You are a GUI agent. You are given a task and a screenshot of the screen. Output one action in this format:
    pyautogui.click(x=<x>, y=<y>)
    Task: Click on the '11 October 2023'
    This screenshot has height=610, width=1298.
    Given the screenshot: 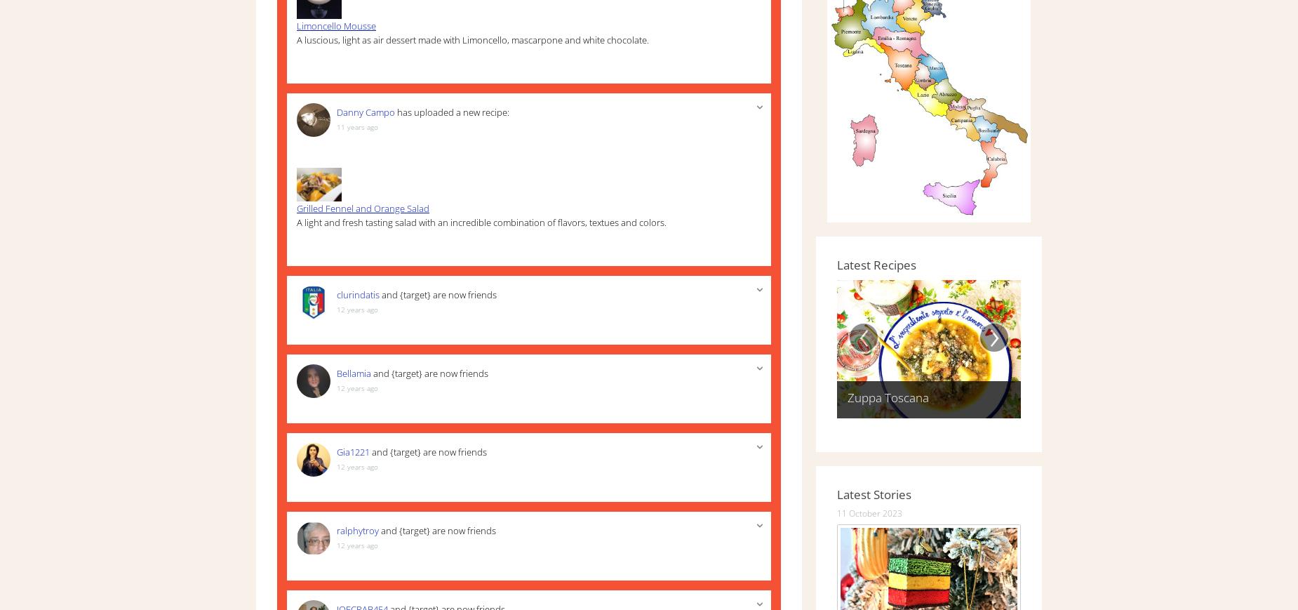 What is the action you would take?
    pyautogui.click(x=869, y=512)
    